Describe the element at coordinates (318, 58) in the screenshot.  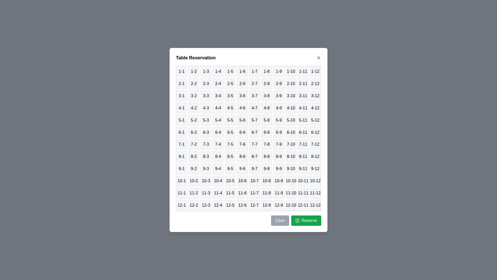
I see `close button in the top-right corner of the dialog` at that location.